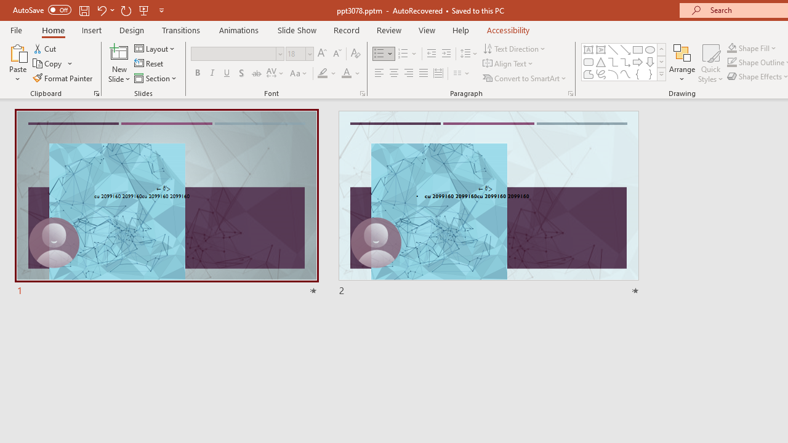  I want to click on 'Insert', so click(91, 30).